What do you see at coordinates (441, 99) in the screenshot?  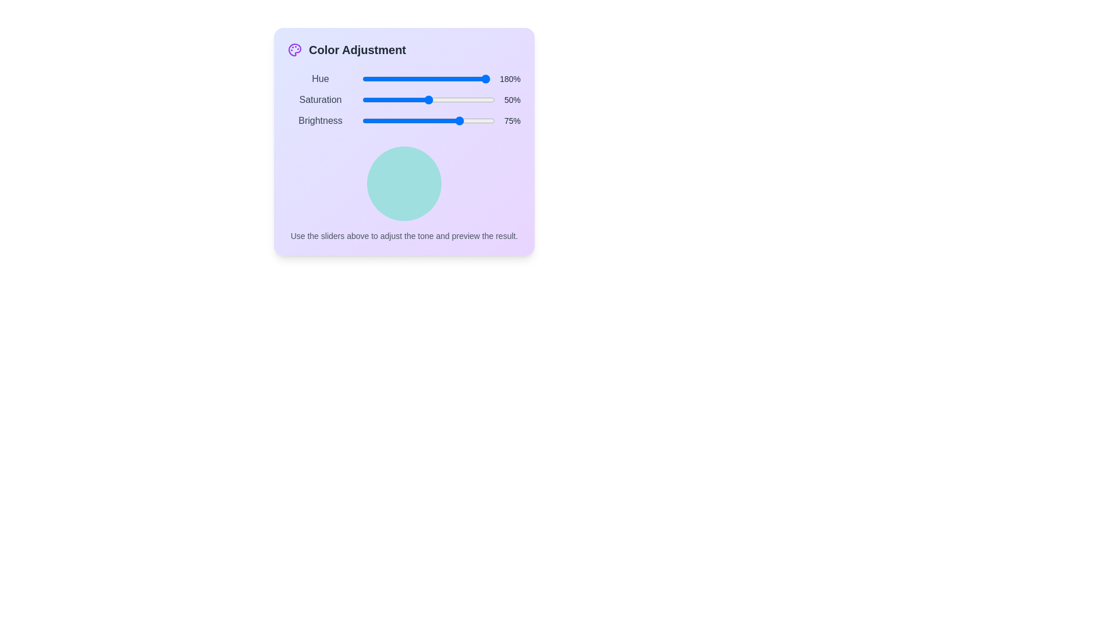 I see `the 'Saturation' slider to 60% by dragging the slider` at bounding box center [441, 99].